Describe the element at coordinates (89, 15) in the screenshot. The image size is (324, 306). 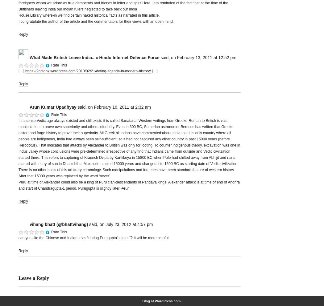
I see `'House Library where-in we find certain naked historical facts as narrated in this article.'` at that location.